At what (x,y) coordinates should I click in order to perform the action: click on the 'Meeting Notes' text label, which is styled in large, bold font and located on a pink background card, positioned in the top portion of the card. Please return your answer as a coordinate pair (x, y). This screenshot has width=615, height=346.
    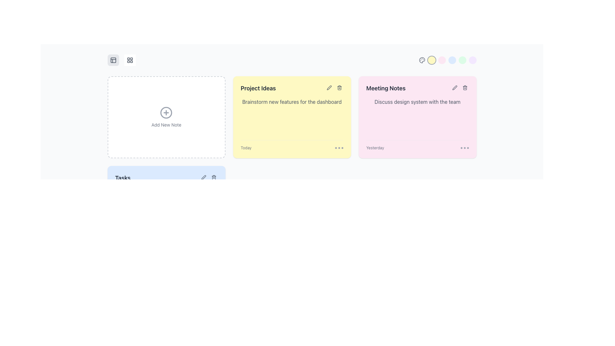
    Looking at the image, I should click on (385, 88).